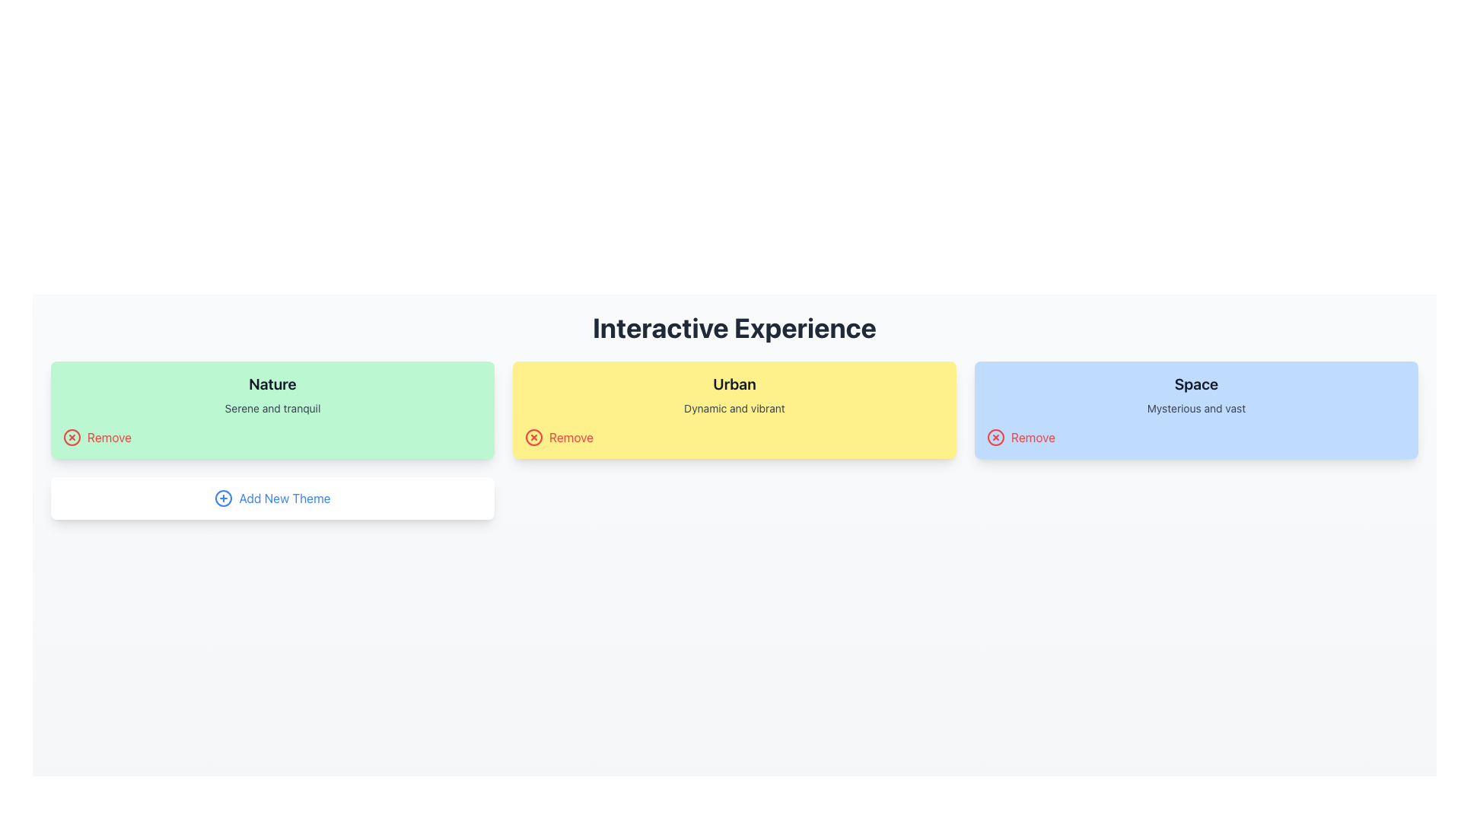 The image size is (1461, 822). I want to click on the 'Remove' text label styled in red, located within the green card labeled 'Nature', so click(109, 437).